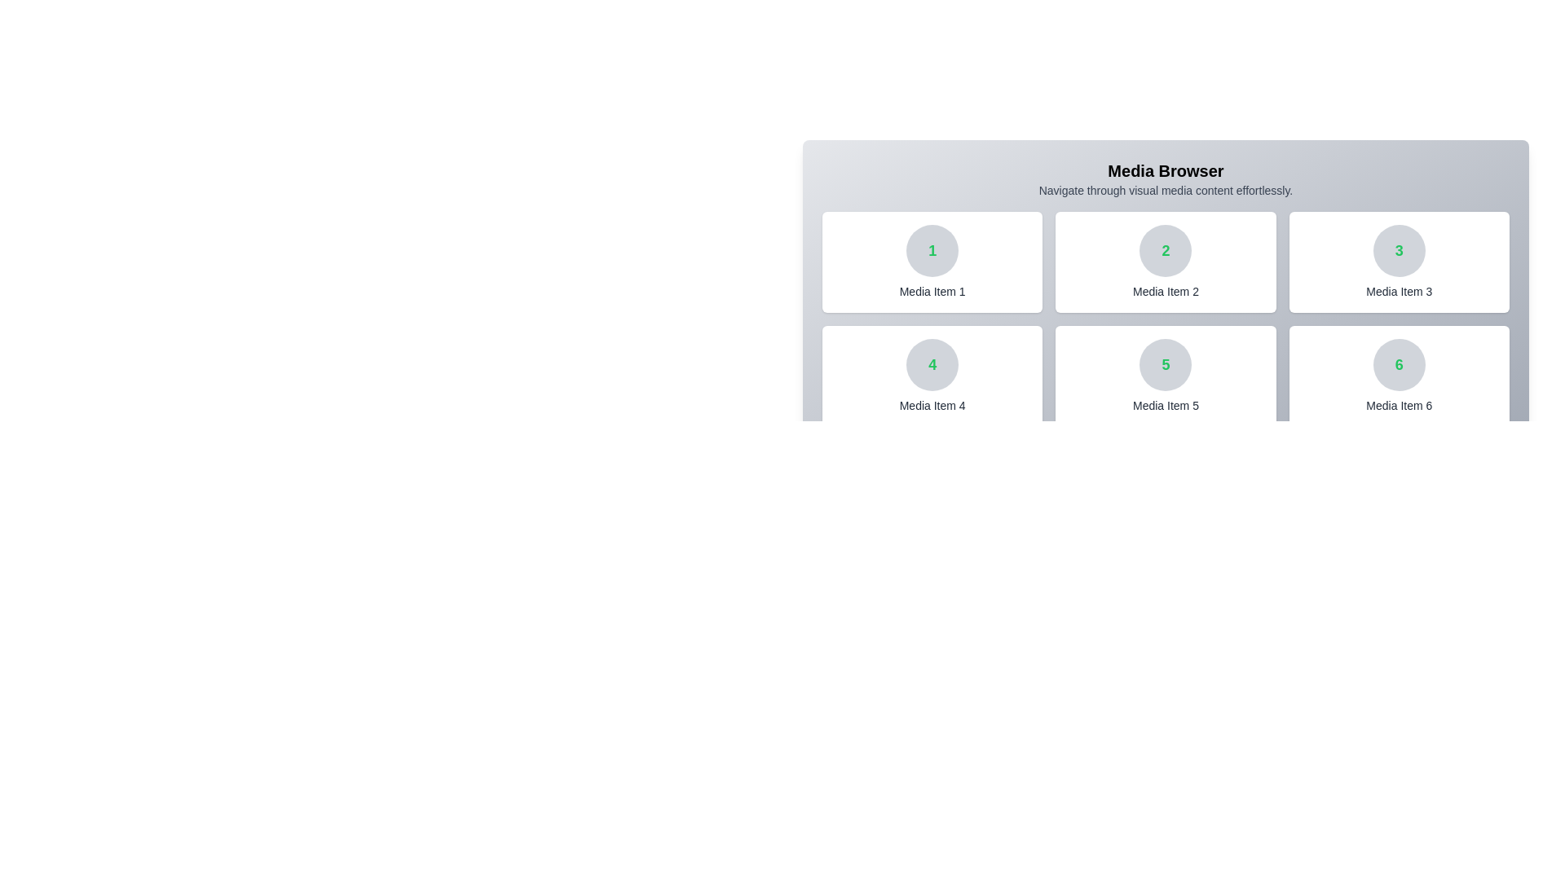 Image resolution: width=1565 pixels, height=880 pixels. I want to click on the card labeled 'Media Item 3', which features a circular icon with the number '3' and is located, so click(1398, 261).